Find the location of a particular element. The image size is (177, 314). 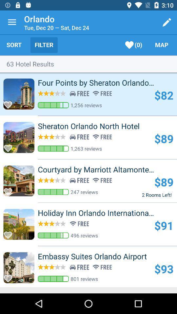

icon to the right of (0) icon is located at coordinates (161, 44).